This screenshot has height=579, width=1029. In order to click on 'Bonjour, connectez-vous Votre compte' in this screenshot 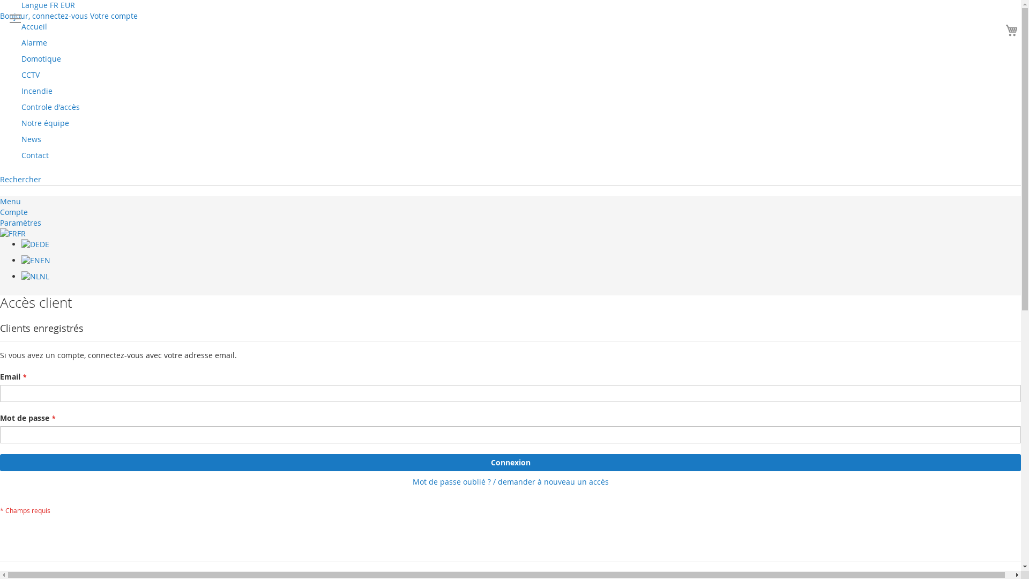, I will do `click(68, 16)`.